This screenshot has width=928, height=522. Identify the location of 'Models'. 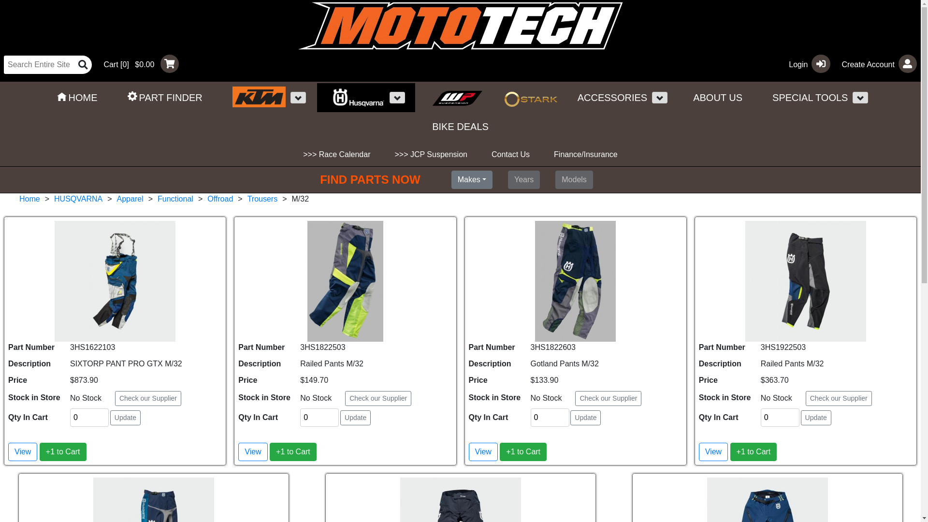
(574, 179).